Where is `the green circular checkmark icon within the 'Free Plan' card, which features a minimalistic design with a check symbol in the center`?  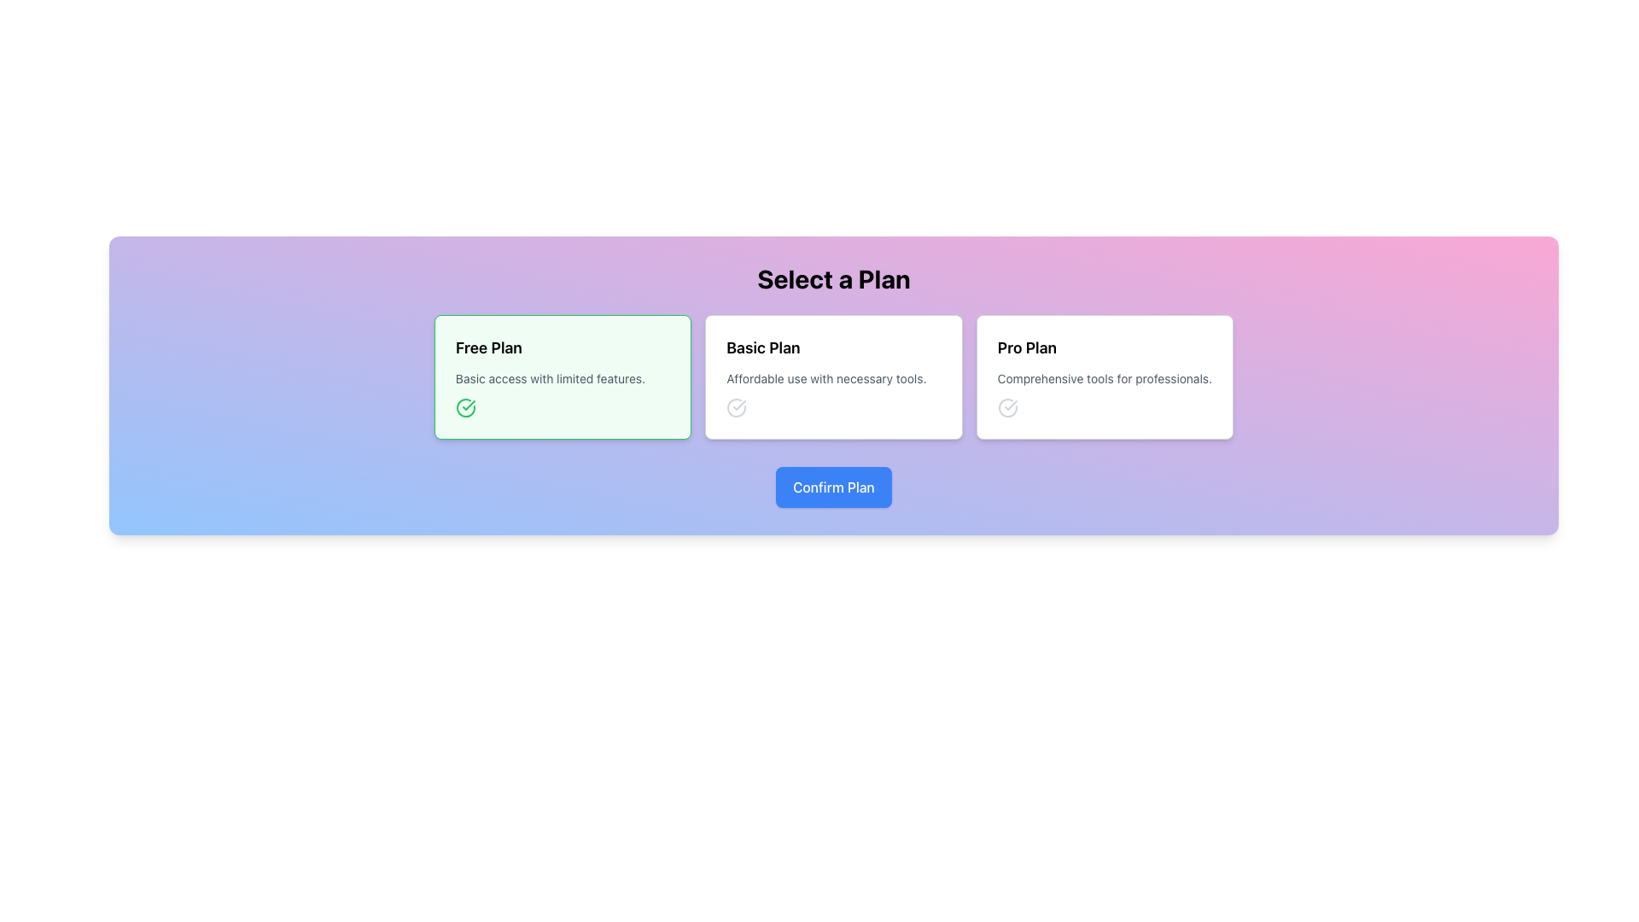
the green circular checkmark icon within the 'Free Plan' card, which features a minimalistic design with a check symbol in the center is located at coordinates (465, 408).